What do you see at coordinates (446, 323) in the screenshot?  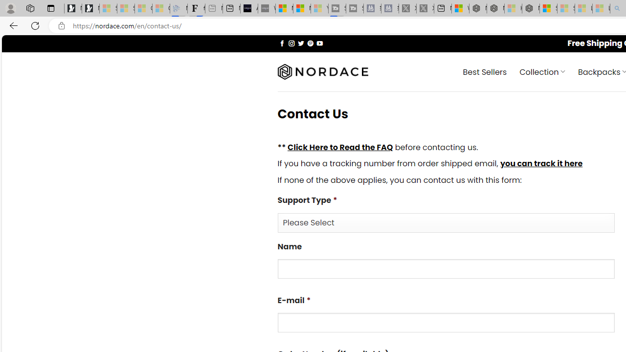 I see `'E-mail*'` at bounding box center [446, 323].